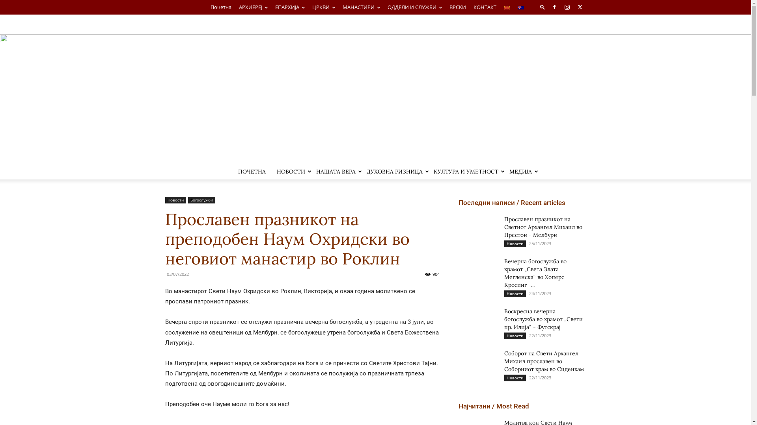 This screenshot has width=757, height=425. What do you see at coordinates (564, 36) in the screenshot?
I see `'Search'` at bounding box center [564, 36].